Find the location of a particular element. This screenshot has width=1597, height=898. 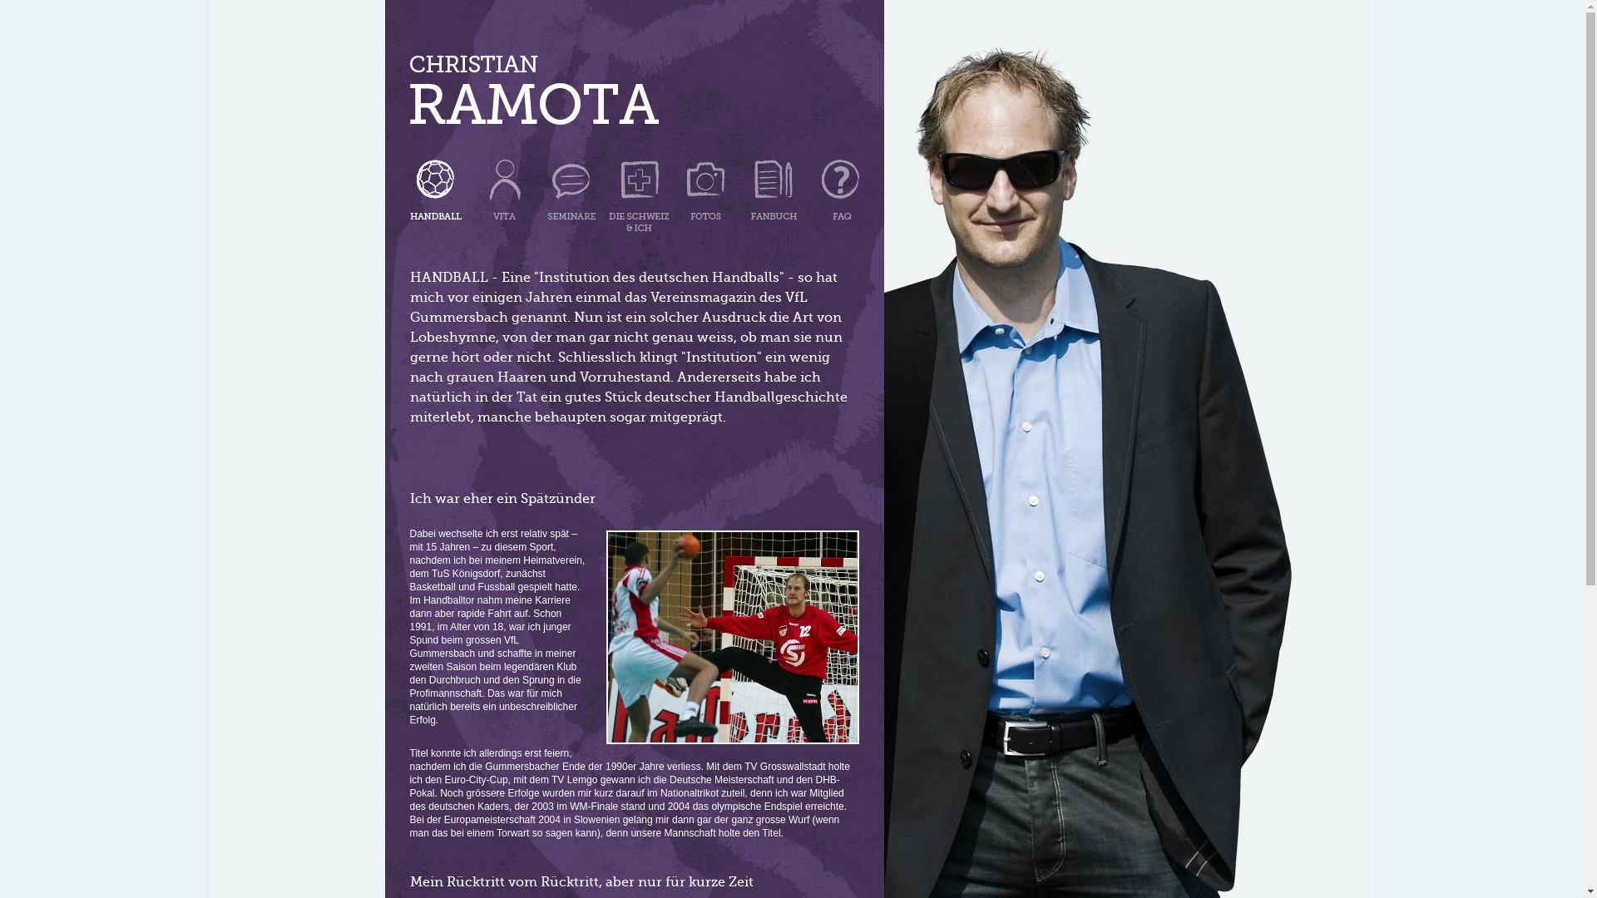

' ' is located at coordinates (537, 185).